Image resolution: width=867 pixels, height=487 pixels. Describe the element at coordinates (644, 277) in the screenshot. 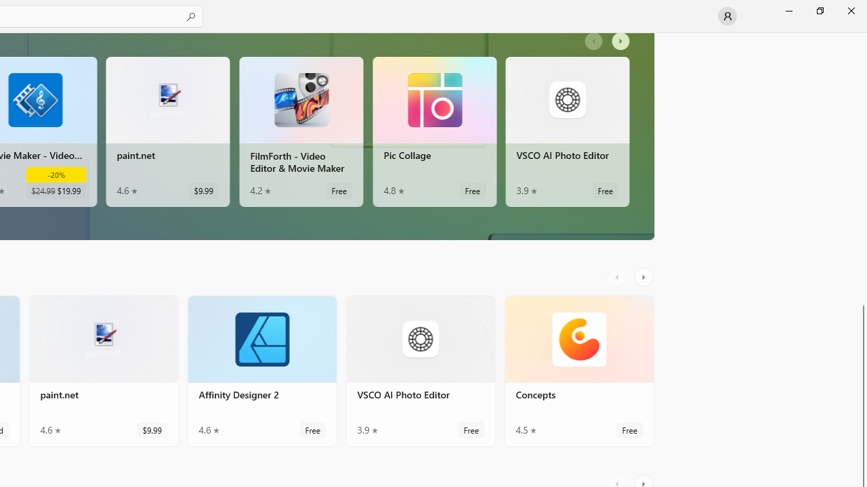

I see `'AutomationID: RightScrollButton'` at that location.